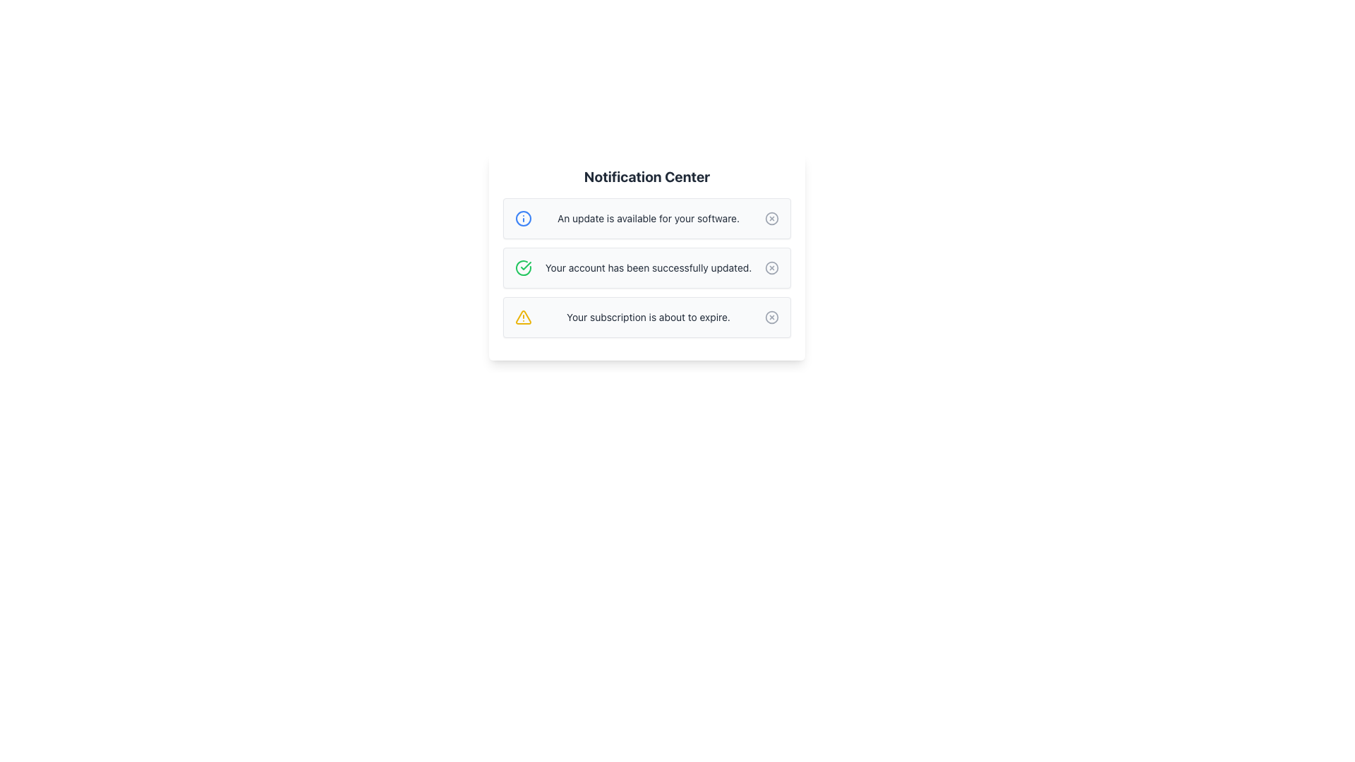 Image resolution: width=1355 pixels, height=762 pixels. What do you see at coordinates (523, 218) in the screenshot?
I see `the circular blue icon with an 'i' symbol, which is positioned to the left of the notification text 'An update is available for your software.'` at bounding box center [523, 218].